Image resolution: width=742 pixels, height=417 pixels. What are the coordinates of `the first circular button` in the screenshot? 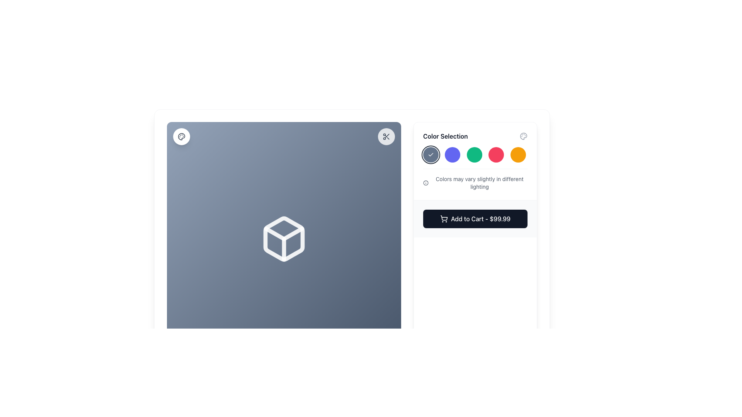 It's located at (430, 155).